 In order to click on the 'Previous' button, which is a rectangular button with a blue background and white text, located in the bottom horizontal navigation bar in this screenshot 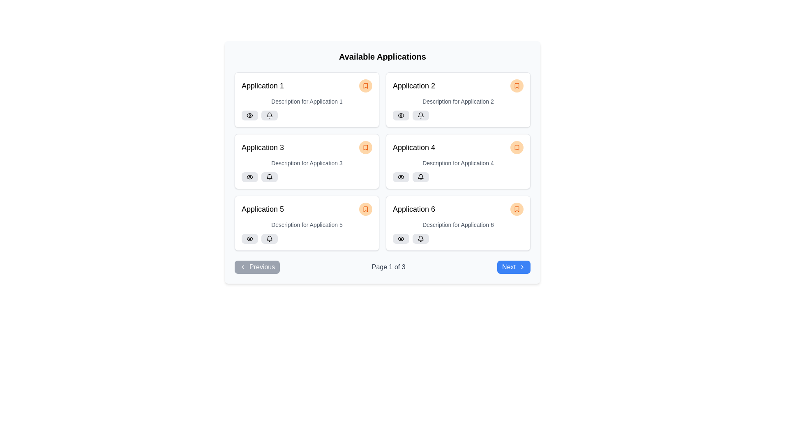, I will do `click(256, 267)`.